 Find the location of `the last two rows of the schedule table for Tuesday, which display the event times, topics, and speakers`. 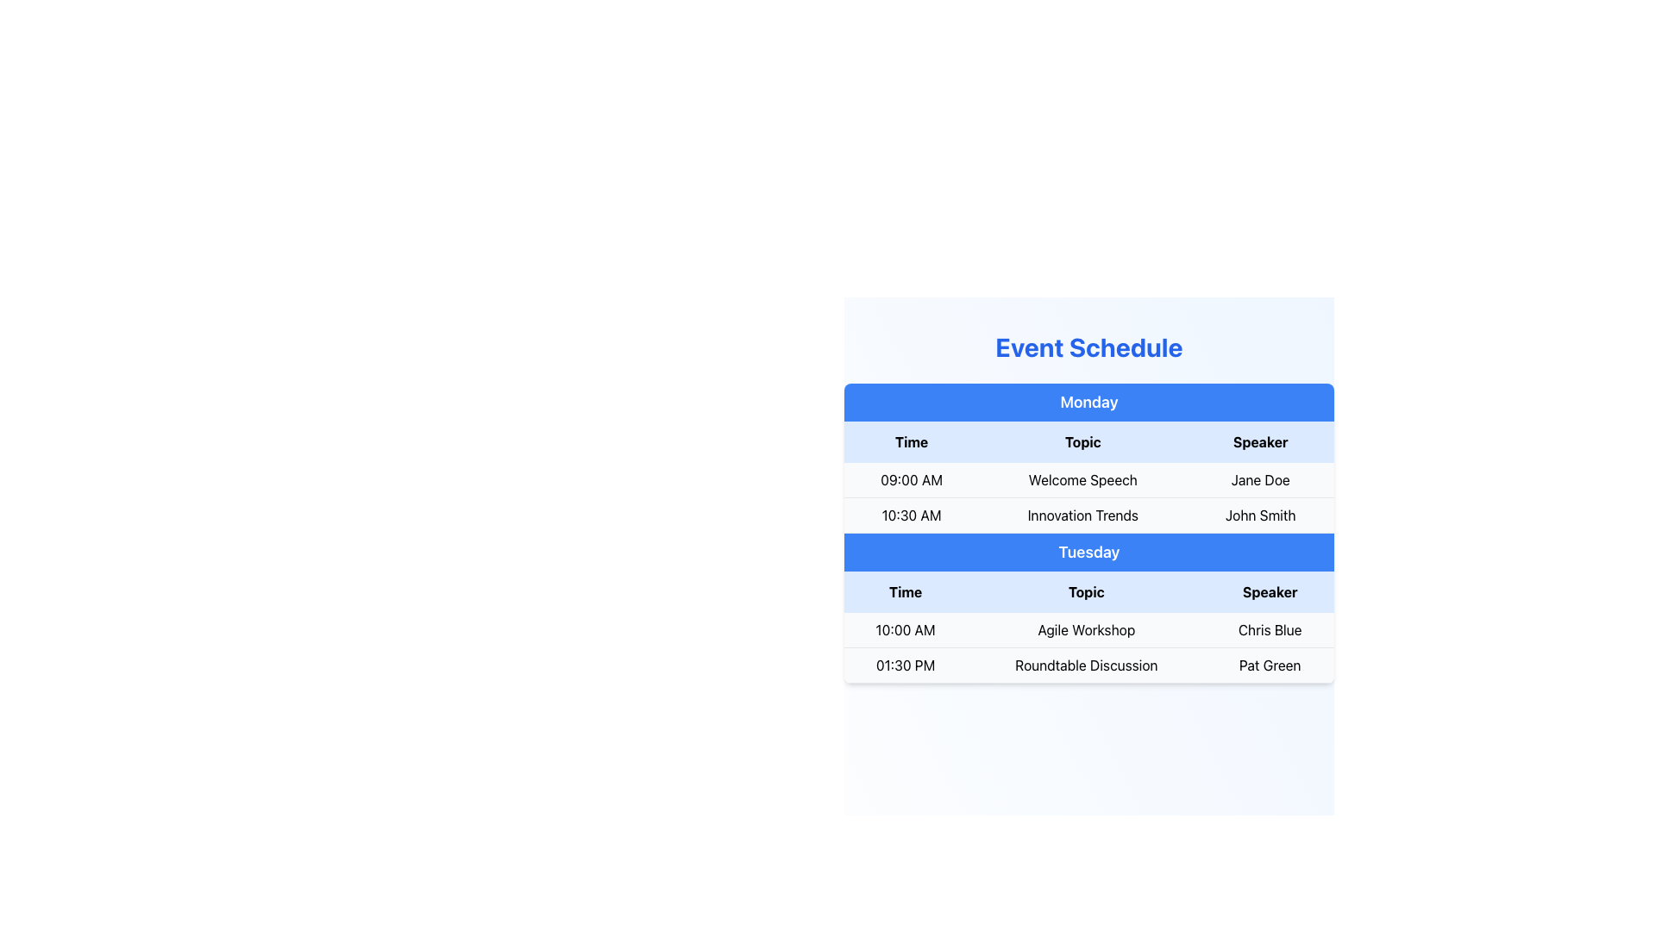

the last two rows of the schedule table for Tuesday, which display the event times, topics, and speakers is located at coordinates (1088, 647).